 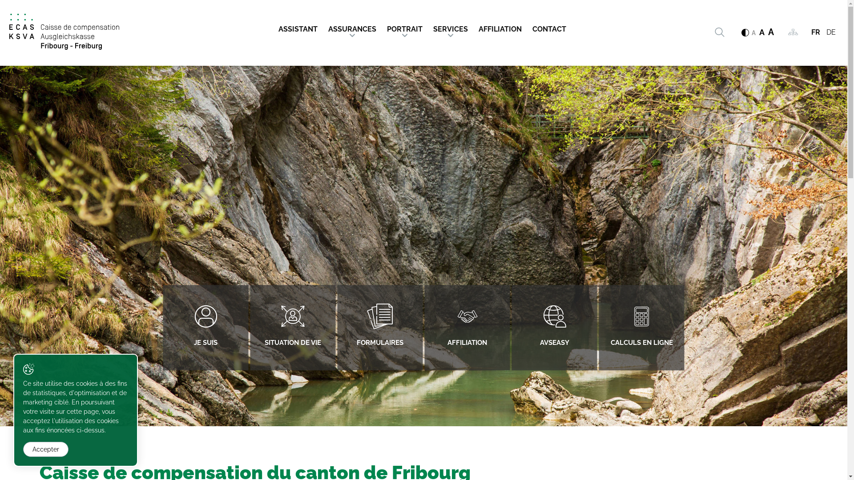 I want to click on 'CONTACT', so click(x=548, y=26).